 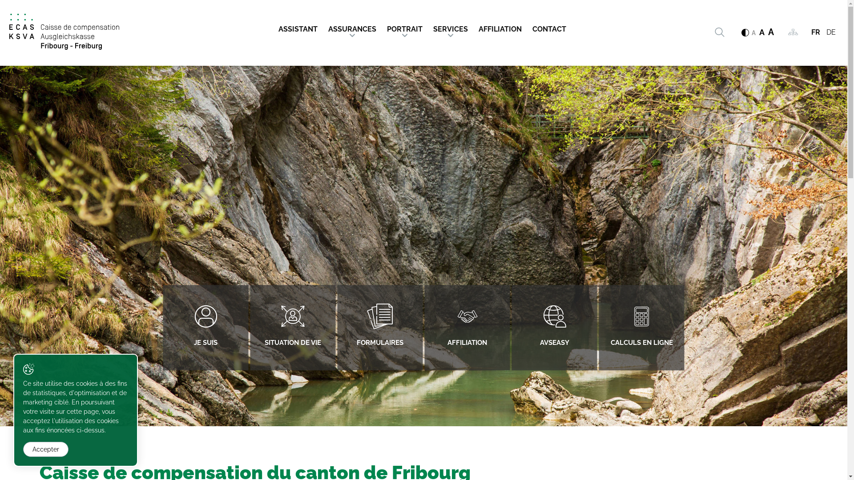 I want to click on 'CONTACT', so click(x=548, y=26).